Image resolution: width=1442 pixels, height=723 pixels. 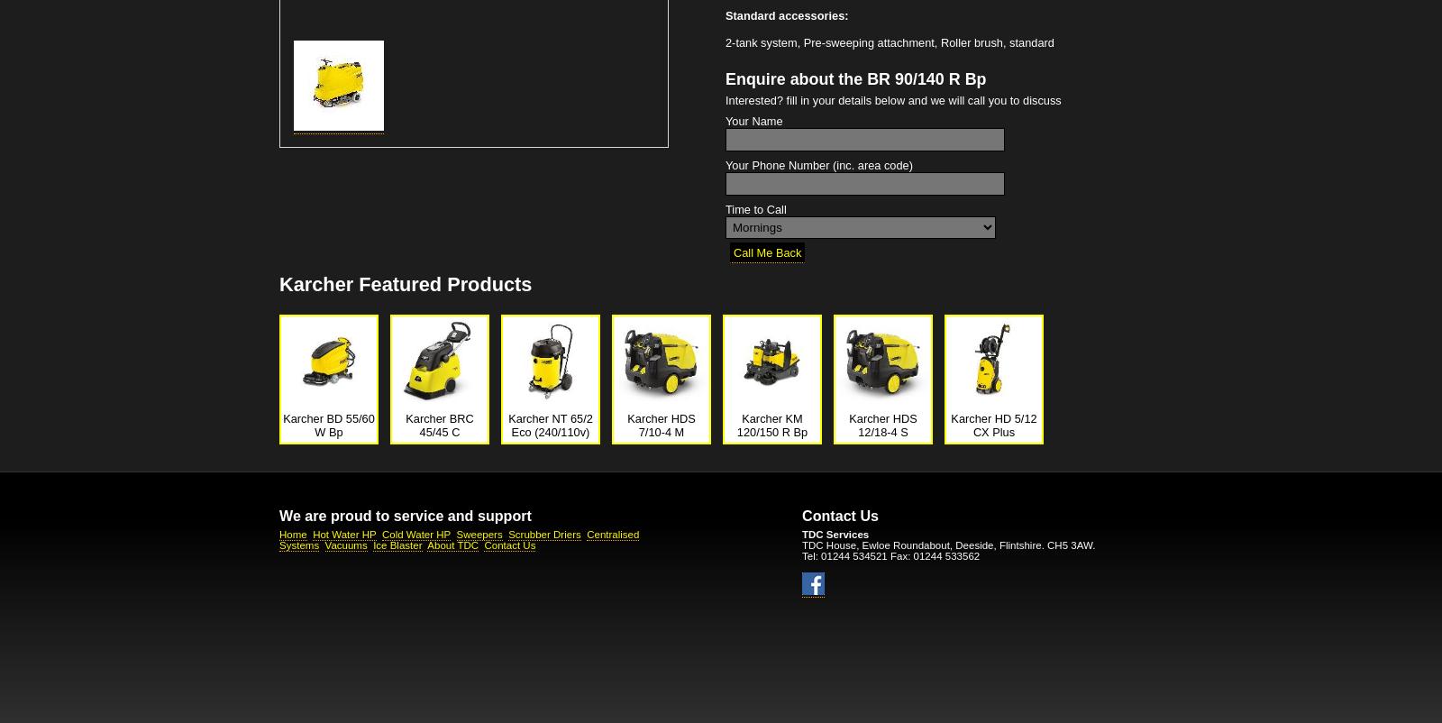 I want to click on '2-tank system, Pre-sweeping attachment, Roller brush, standard', so click(x=889, y=41).